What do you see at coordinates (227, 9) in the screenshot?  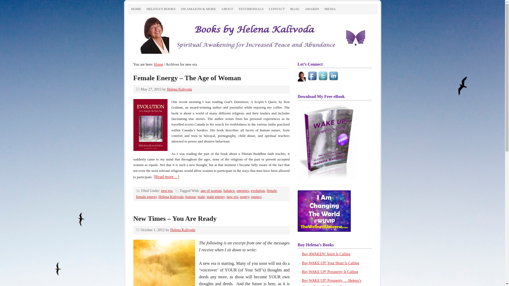 I see `'ABOUT'` at bounding box center [227, 9].